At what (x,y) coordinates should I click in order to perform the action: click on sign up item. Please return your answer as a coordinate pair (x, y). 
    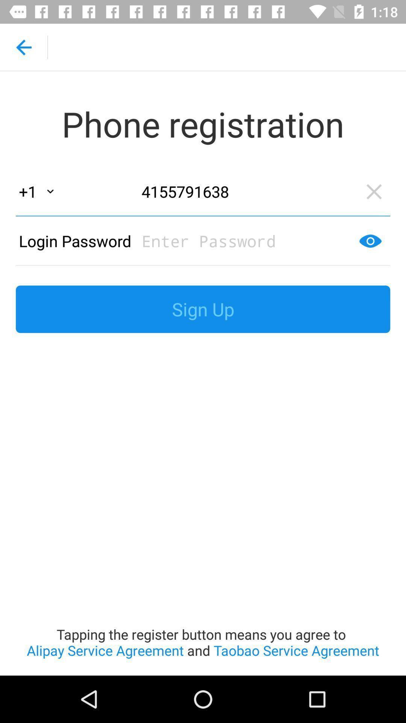
    Looking at the image, I should click on (203, 309).